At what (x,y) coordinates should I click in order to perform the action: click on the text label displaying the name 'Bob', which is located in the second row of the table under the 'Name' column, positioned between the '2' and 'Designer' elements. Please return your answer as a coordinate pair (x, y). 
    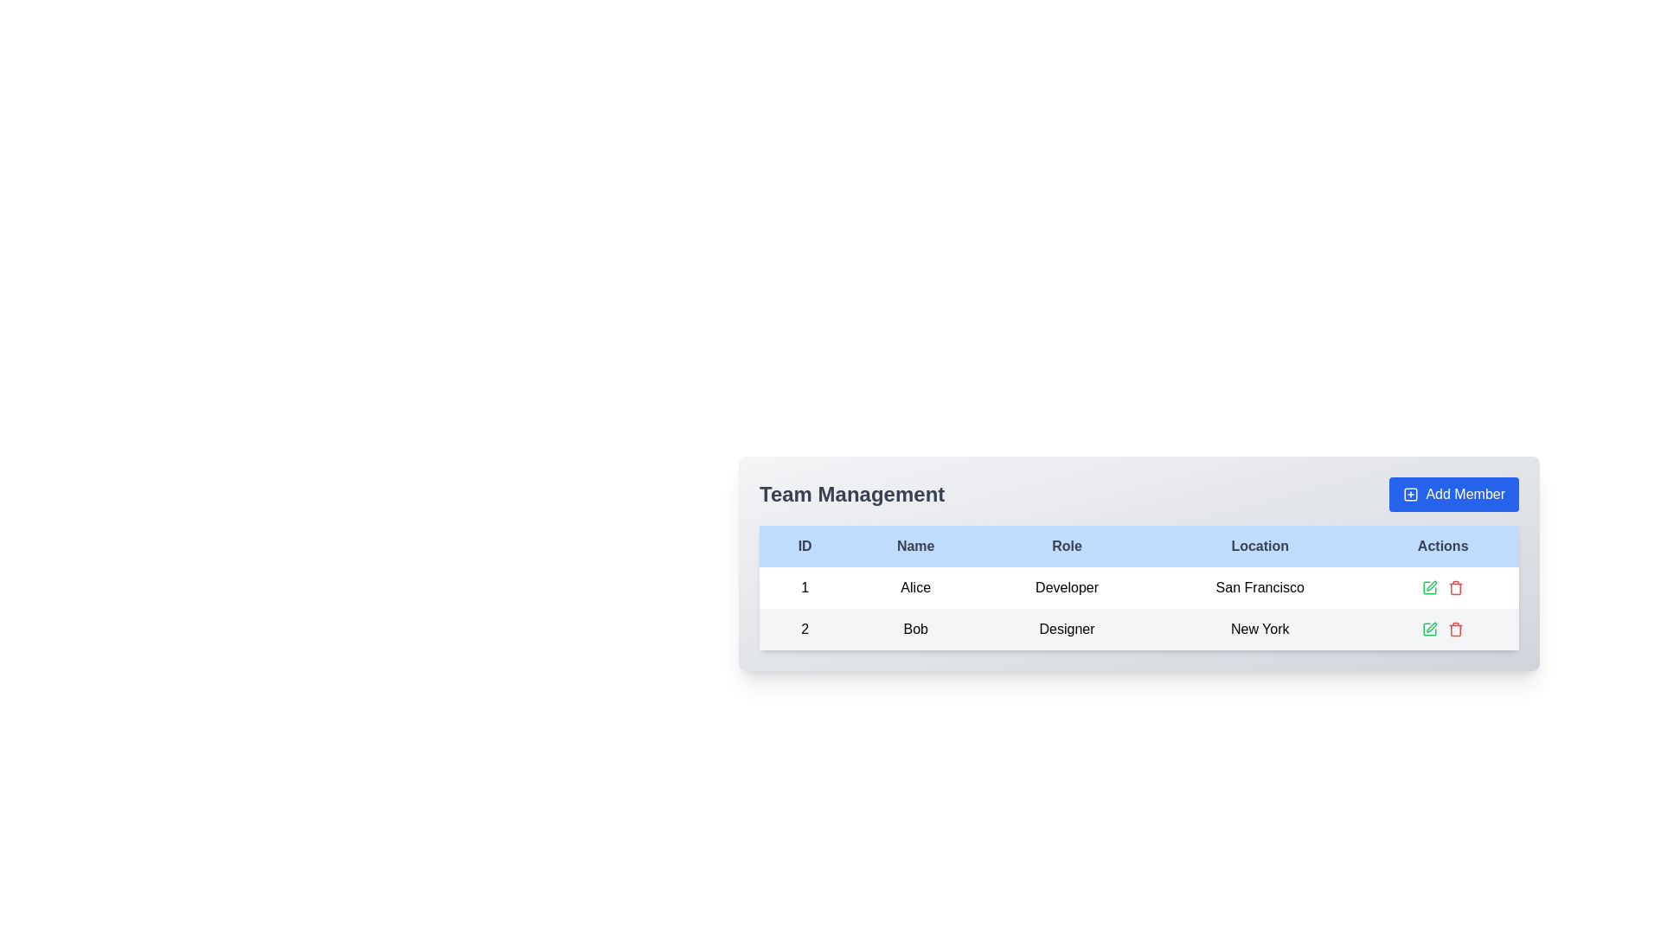
    Looking at the image, I should click on (914, 630).